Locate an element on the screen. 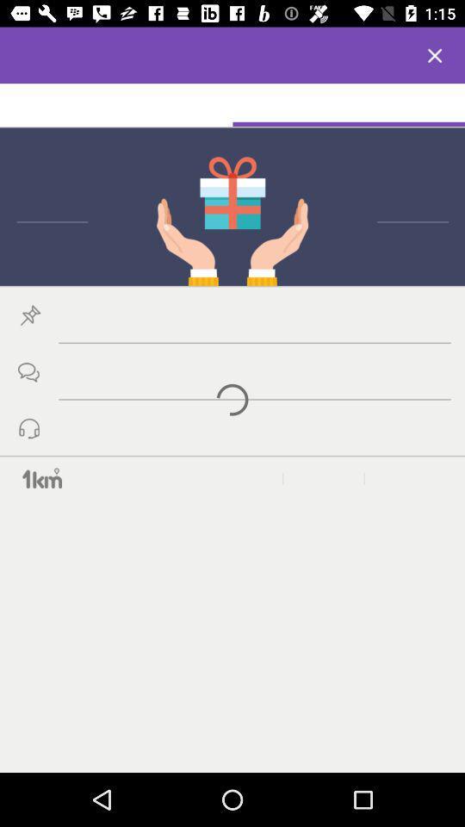 This screenshot has width=465, height=827. x is located at coordinates (434, 55).